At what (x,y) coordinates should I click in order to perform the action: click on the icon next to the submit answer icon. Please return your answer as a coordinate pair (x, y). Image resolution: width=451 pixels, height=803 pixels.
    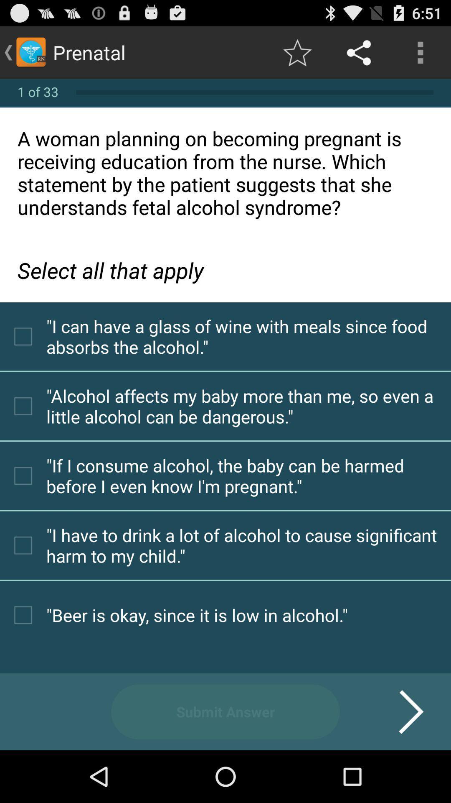
    Looking at the image, I should click on (400, 711).